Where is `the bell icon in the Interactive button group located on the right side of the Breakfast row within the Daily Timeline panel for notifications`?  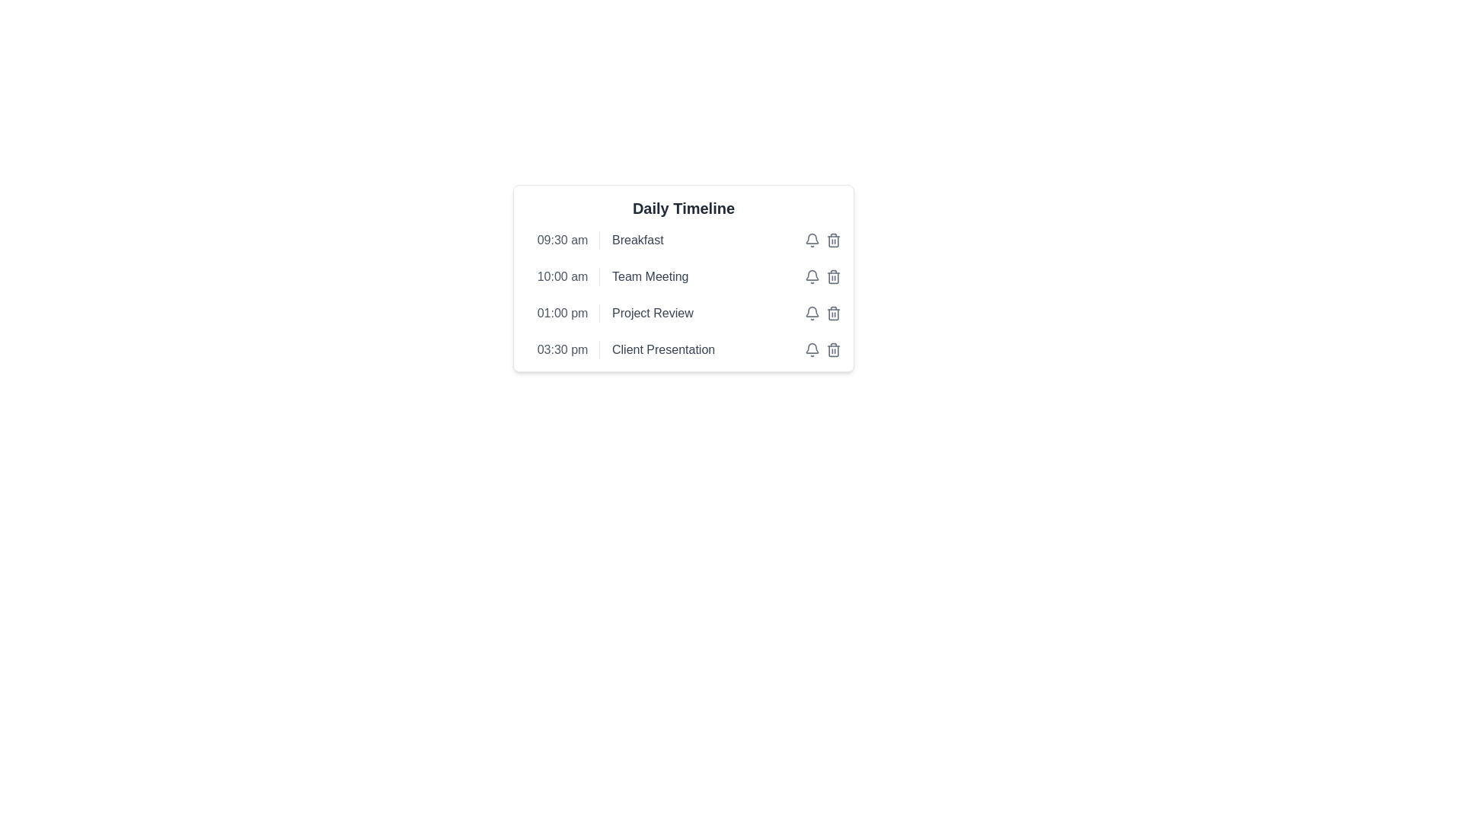 the bell icon in the Interactive button group located on the right side of the Breakfast row within the Daily Timeline panel for notifications is located at coordinates (822, 240).